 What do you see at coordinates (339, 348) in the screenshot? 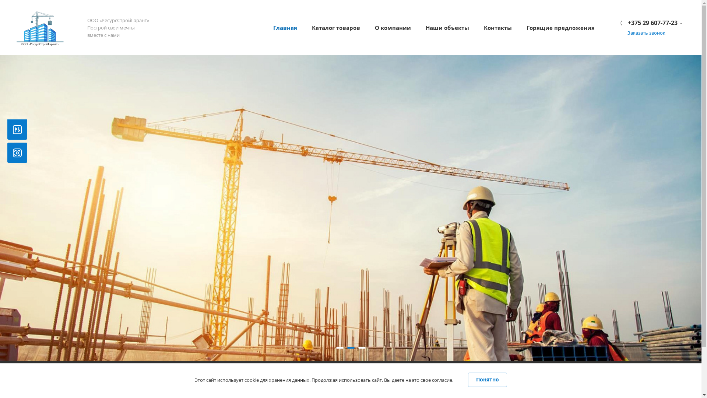
I see `'1'` at bounding box center [339, 348].